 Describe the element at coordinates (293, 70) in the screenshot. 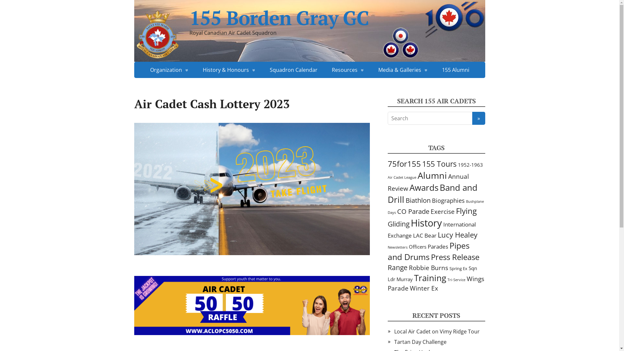

I see `'Squadron Calendar'` at that location.